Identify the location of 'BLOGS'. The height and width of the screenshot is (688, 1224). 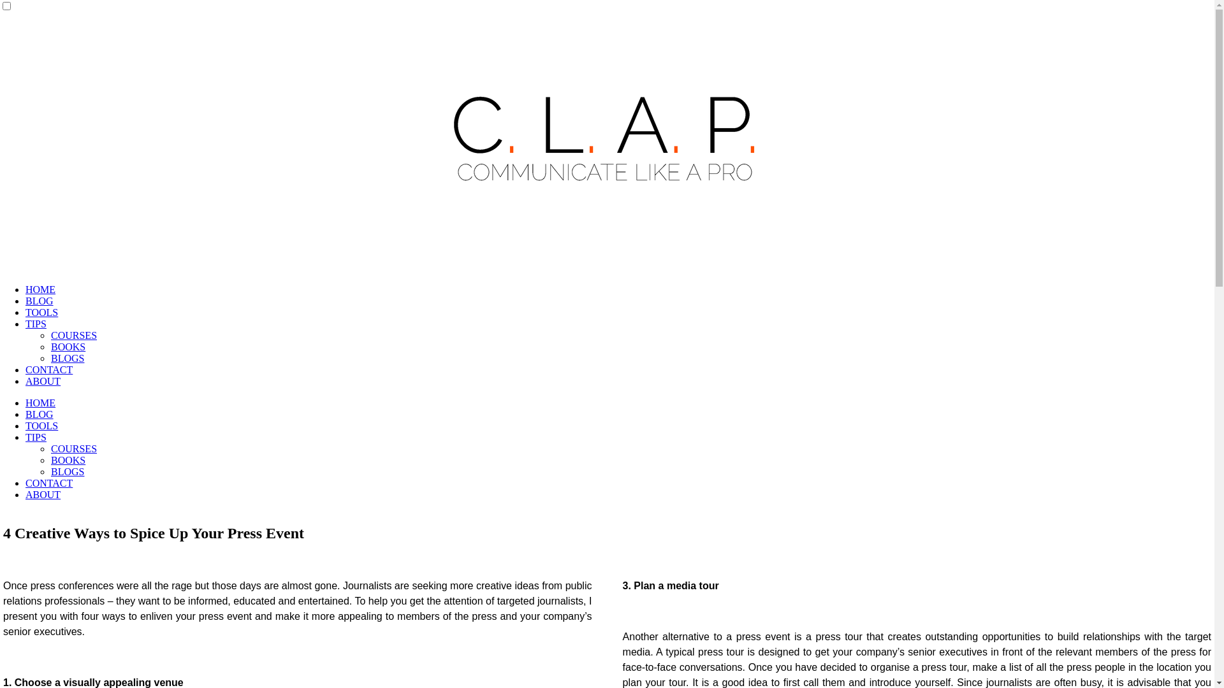
(66, 358).